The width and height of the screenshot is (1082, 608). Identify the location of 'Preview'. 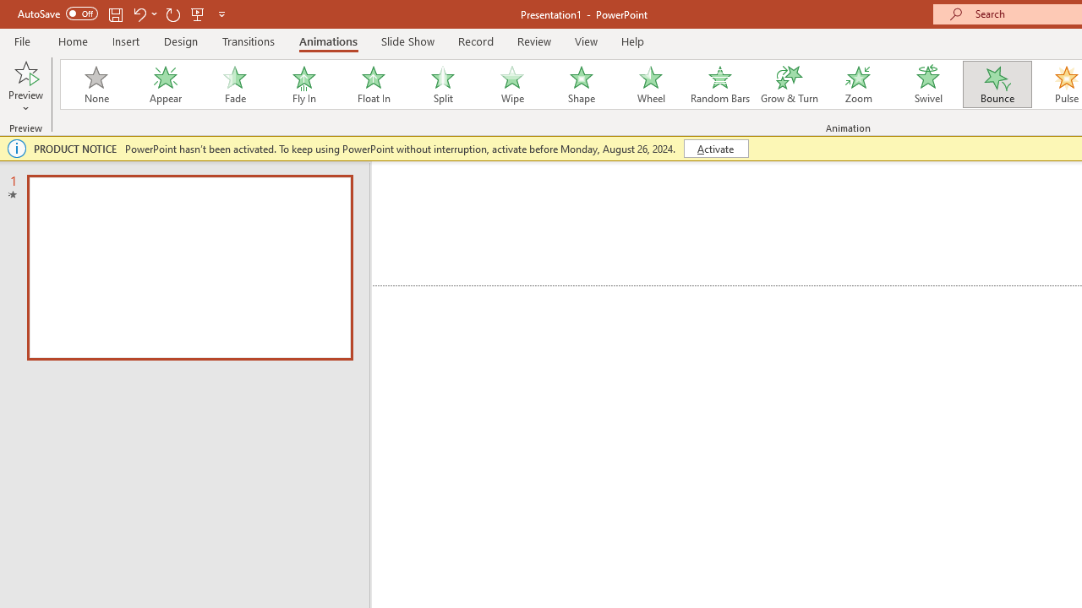
(25, 87).